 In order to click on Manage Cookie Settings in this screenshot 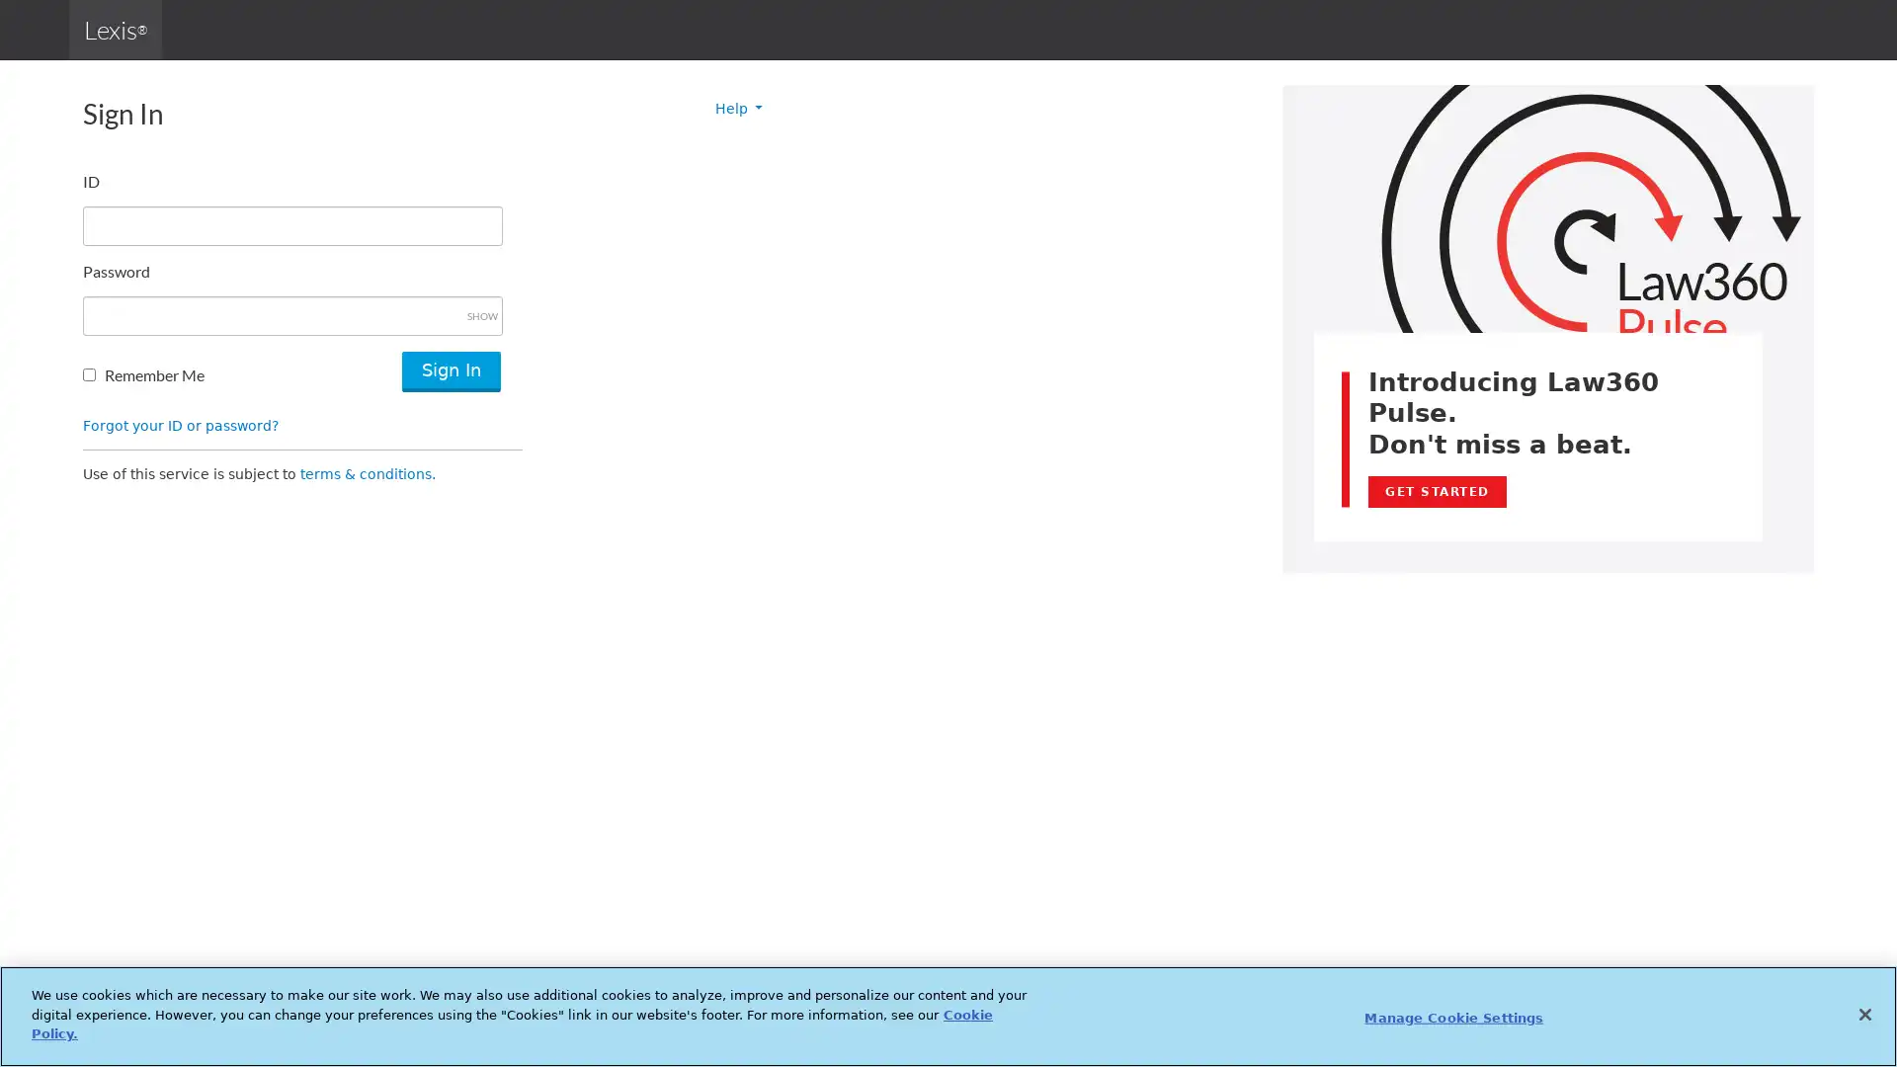, I will do `click(1453, 1017)`.